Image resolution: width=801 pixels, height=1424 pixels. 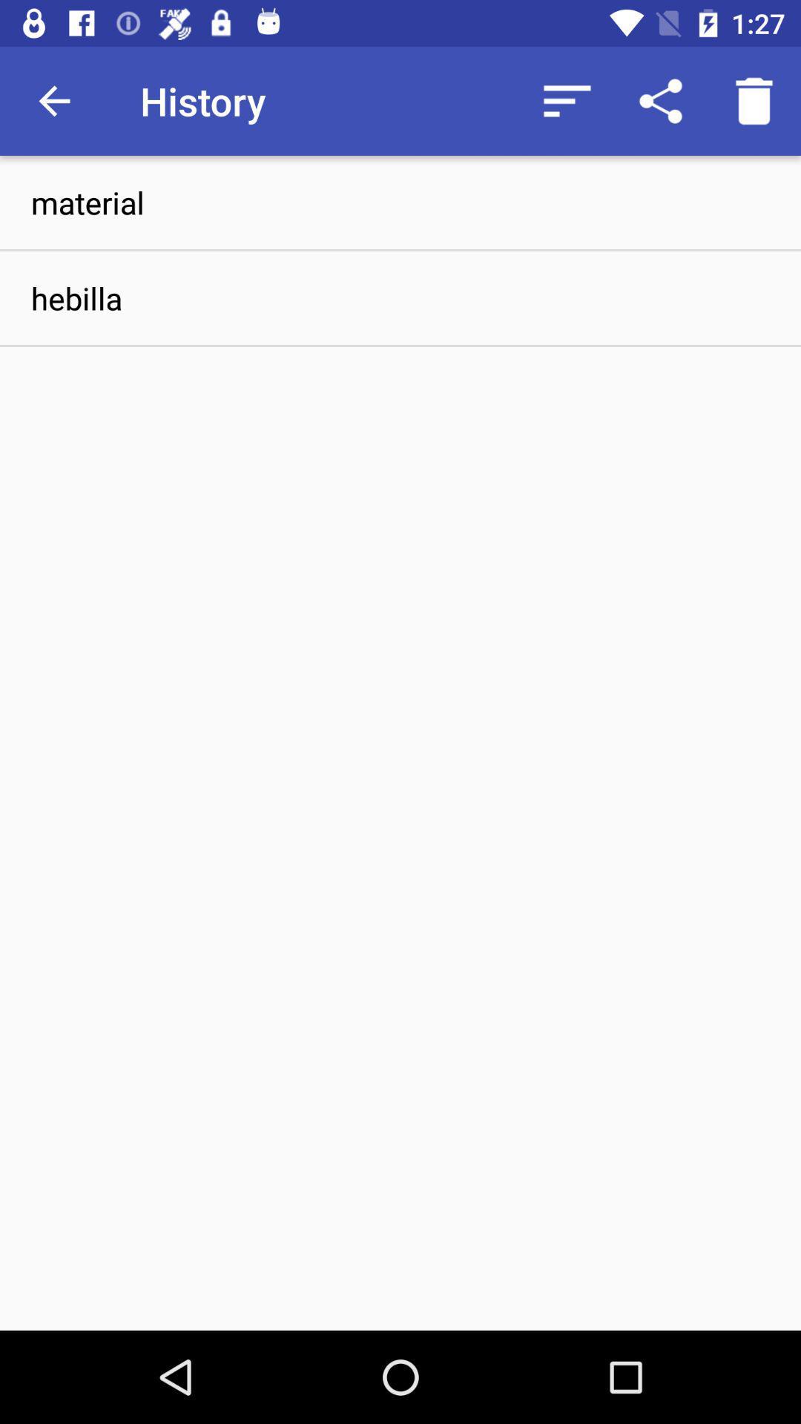 I want to click on hebilla icon, so click(x=400, y=297).